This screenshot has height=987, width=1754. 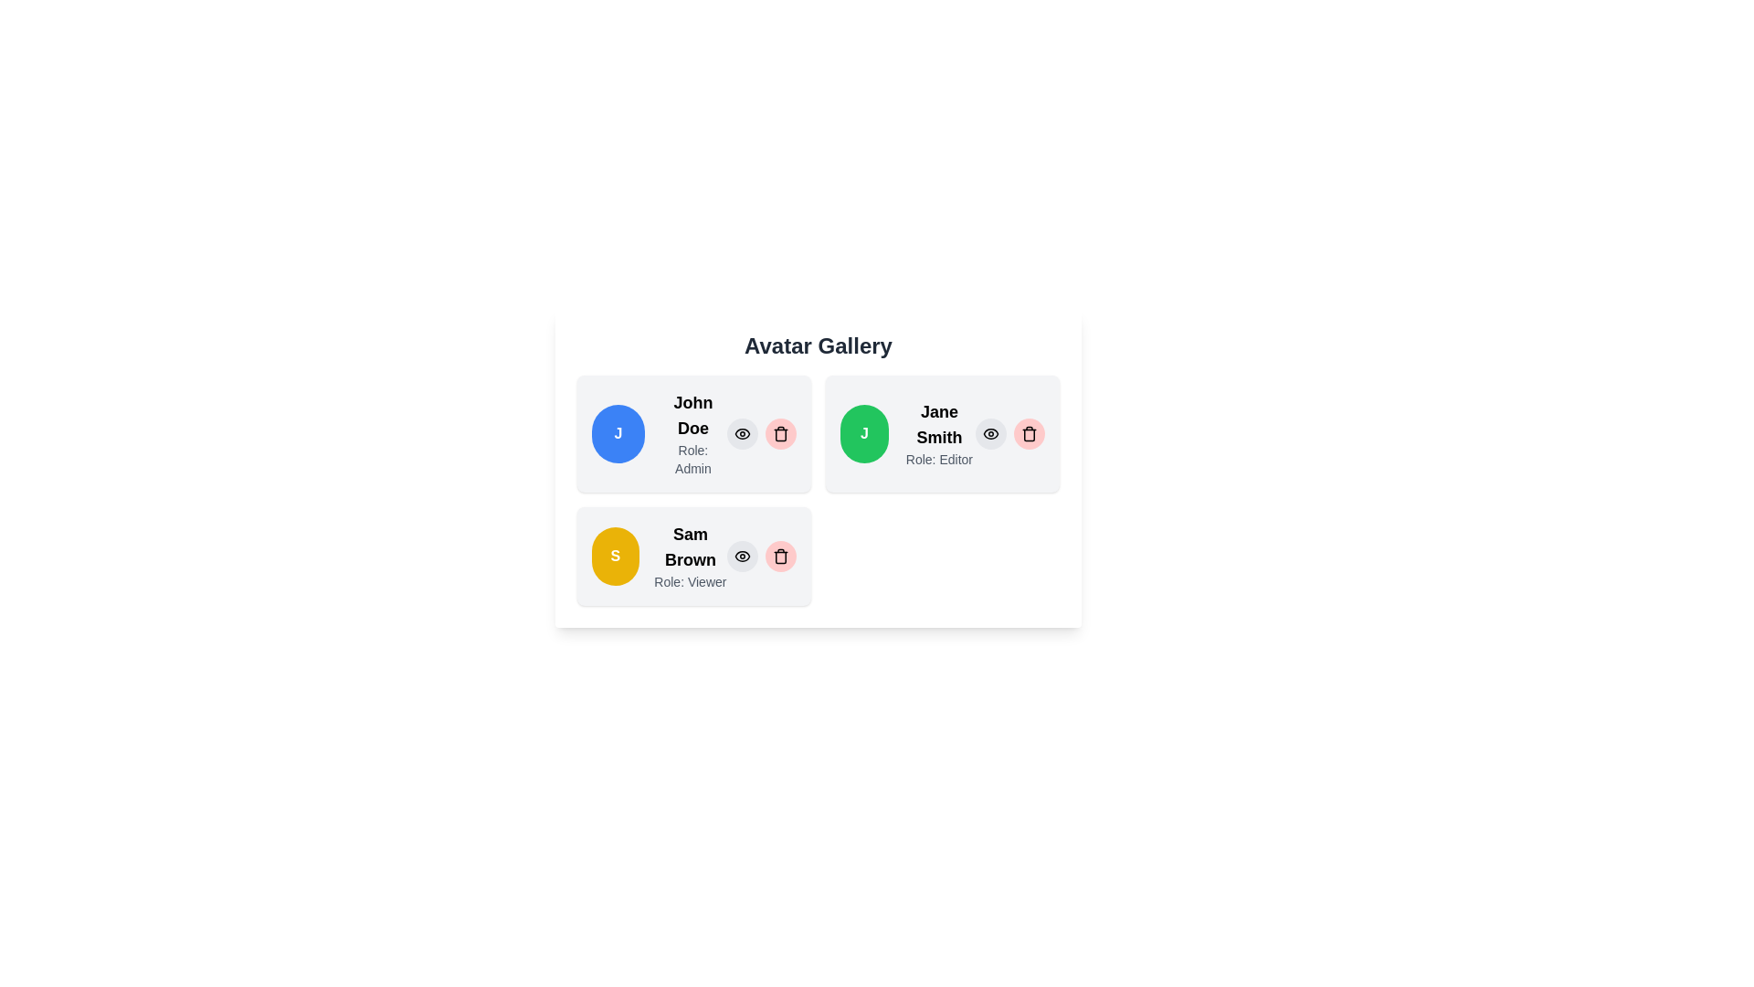 What do you see at coordinates (1030, 433) in the screenshot?
I see `the delete icon button for 'Jane Smith' in the user profile grid` at bounding box center [1030, 433].